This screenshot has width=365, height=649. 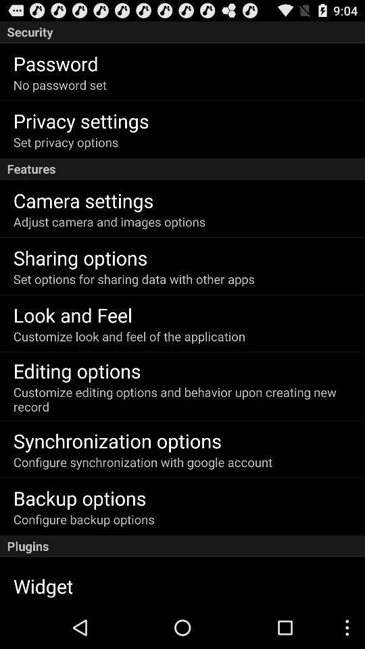 I want to click on the plugins, so click(x=182, y=546).